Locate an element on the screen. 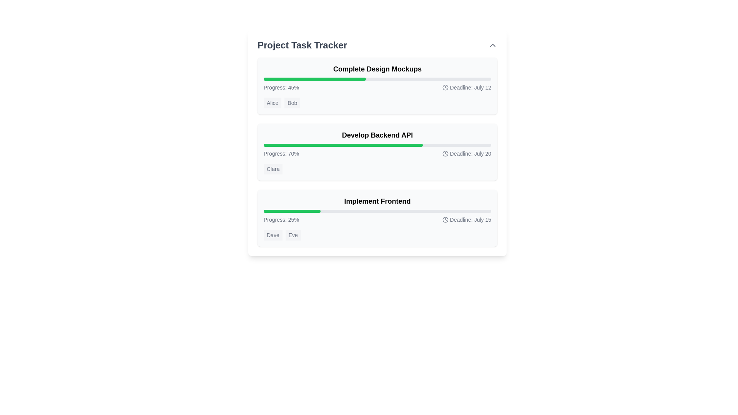 The width and height of the screenshot is (738, 415). the Status indicator located in the 'Complete Design Mockups' section, which displays the progress percentage and deadline for a task, positioned below the progress bar and above the contributors 'Alice' and 'Bob' is located at coordinates (377, 87).